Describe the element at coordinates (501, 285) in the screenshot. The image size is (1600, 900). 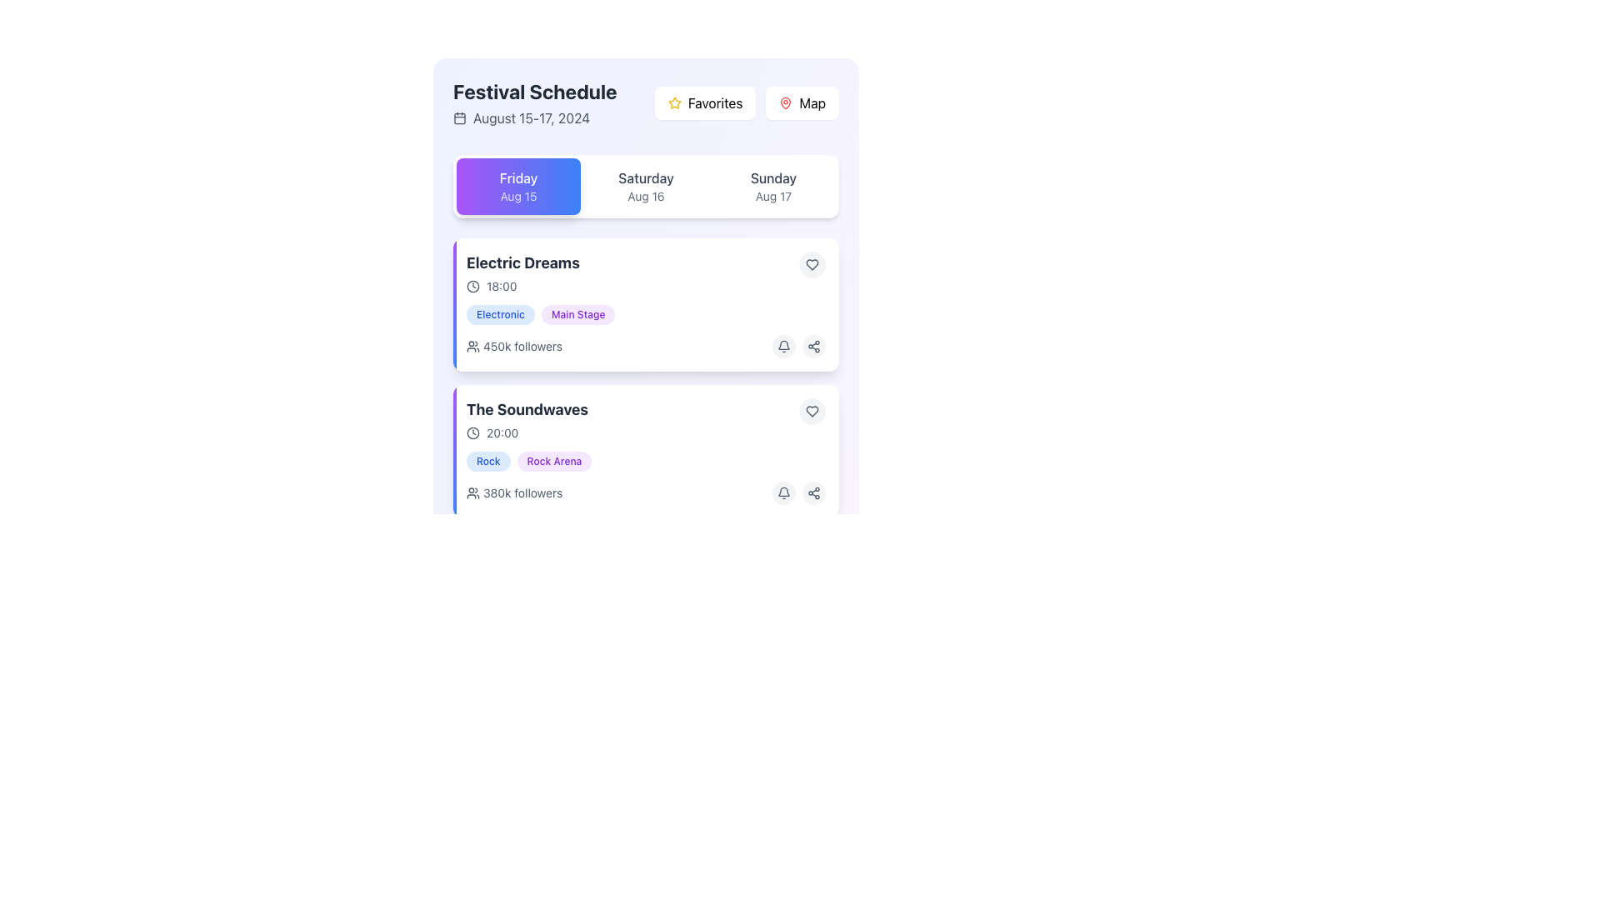
I see `the Text label that indicates the time of the scheduled 'Electric Dreams' activity, positioned to the right of the clock icon in the event card` at that location.